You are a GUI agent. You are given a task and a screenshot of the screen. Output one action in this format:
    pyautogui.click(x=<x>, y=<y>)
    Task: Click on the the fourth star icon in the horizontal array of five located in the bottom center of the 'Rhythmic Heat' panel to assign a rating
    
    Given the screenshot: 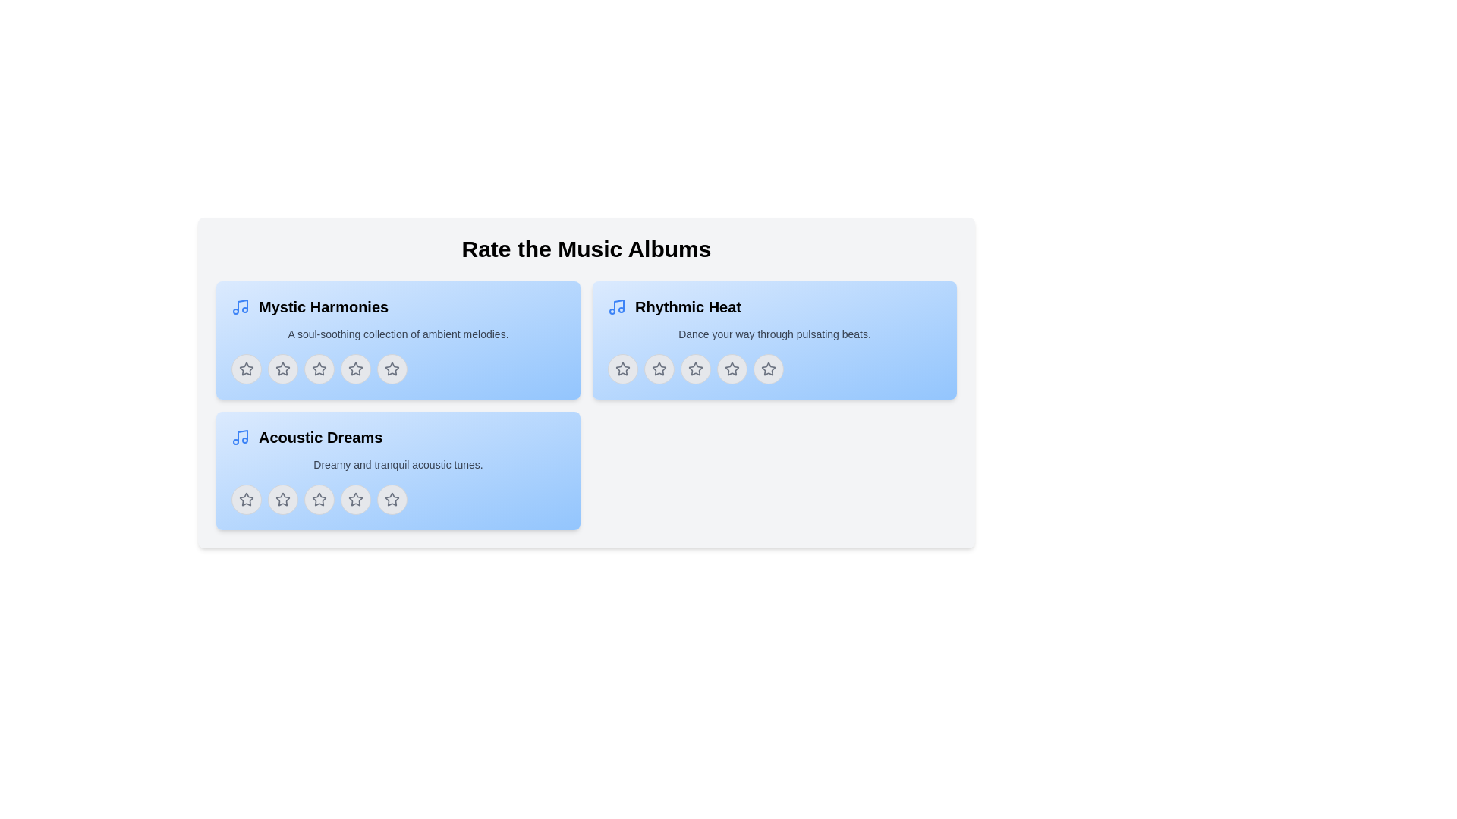 What is the action you would take?
    pyautogui.click(x=732, y=369)
    